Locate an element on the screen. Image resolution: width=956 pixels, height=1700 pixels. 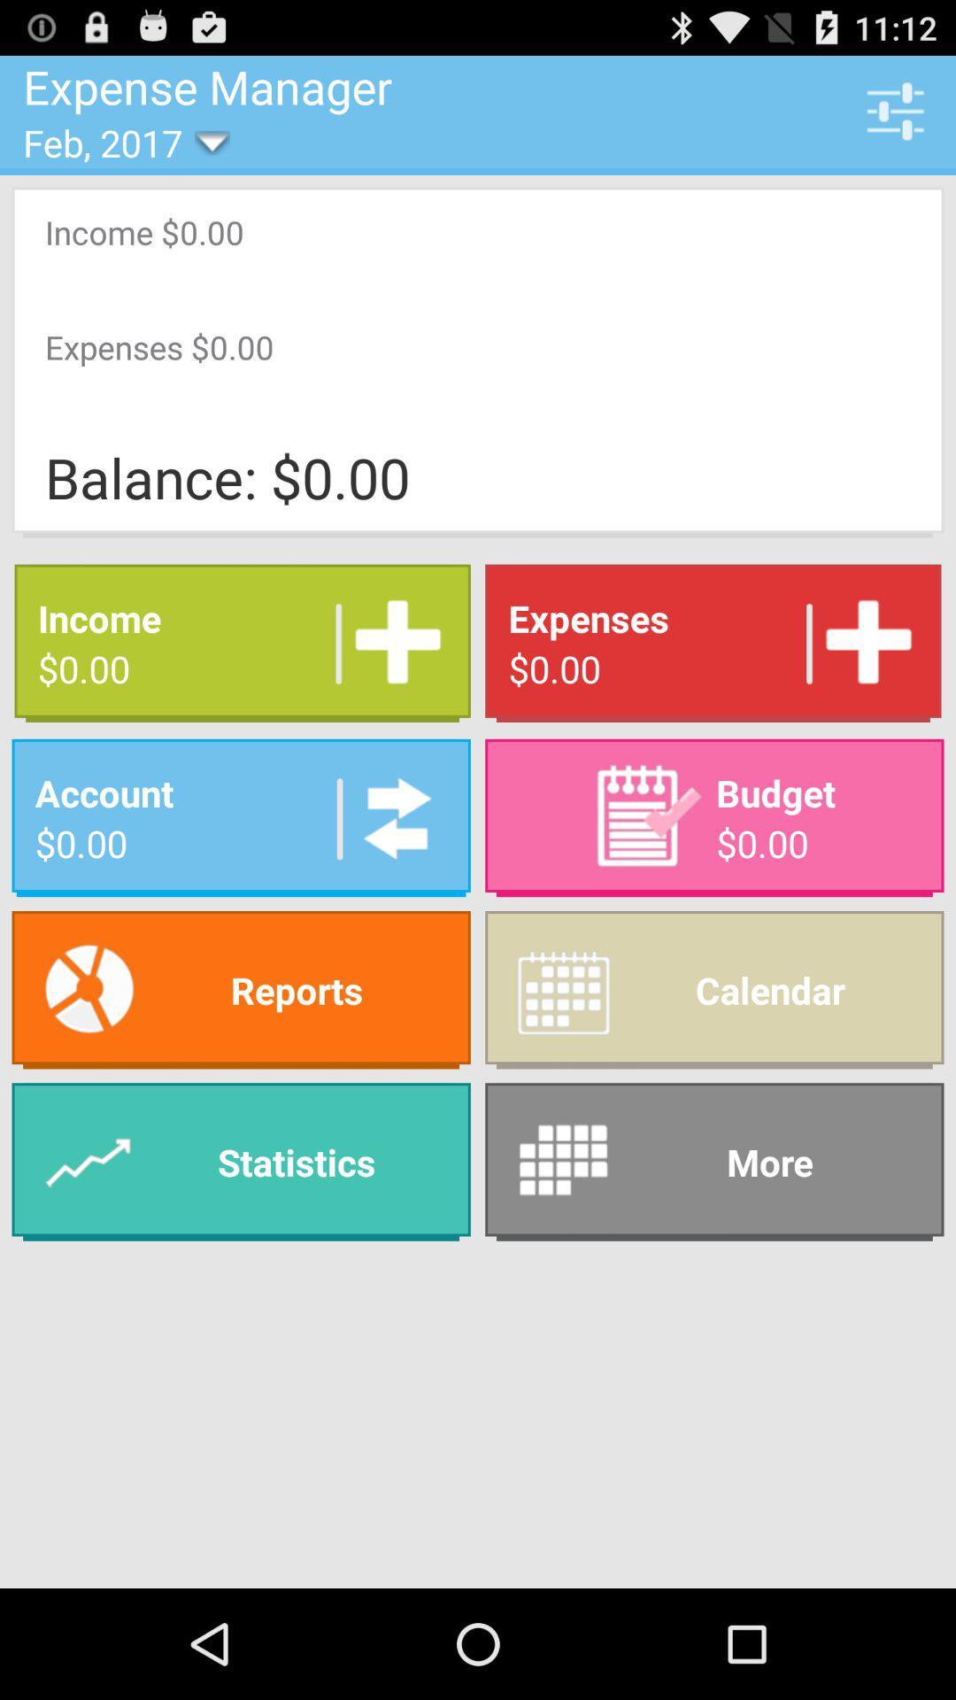
the app next to reports item is located at coordinates (713, 1162).